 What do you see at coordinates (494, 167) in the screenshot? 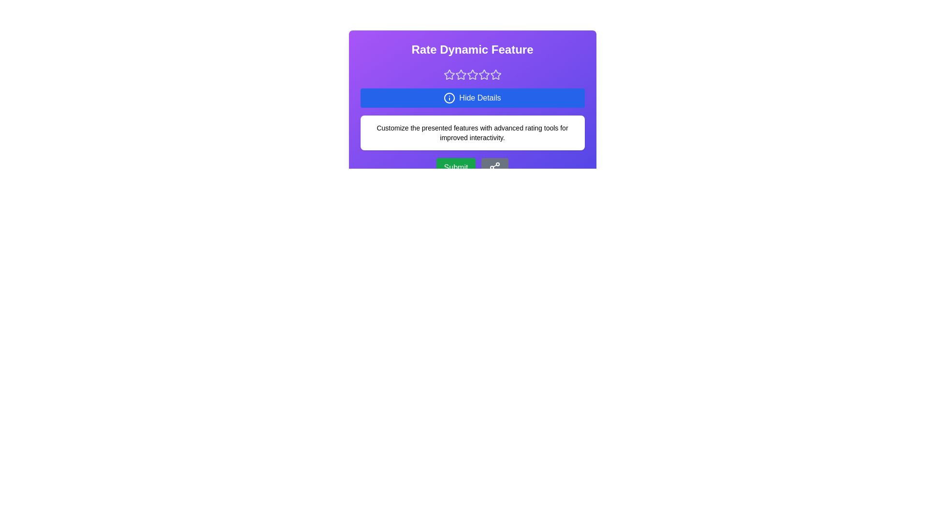
I see `share icon button to share the rating` at bounding box center [494, 167].